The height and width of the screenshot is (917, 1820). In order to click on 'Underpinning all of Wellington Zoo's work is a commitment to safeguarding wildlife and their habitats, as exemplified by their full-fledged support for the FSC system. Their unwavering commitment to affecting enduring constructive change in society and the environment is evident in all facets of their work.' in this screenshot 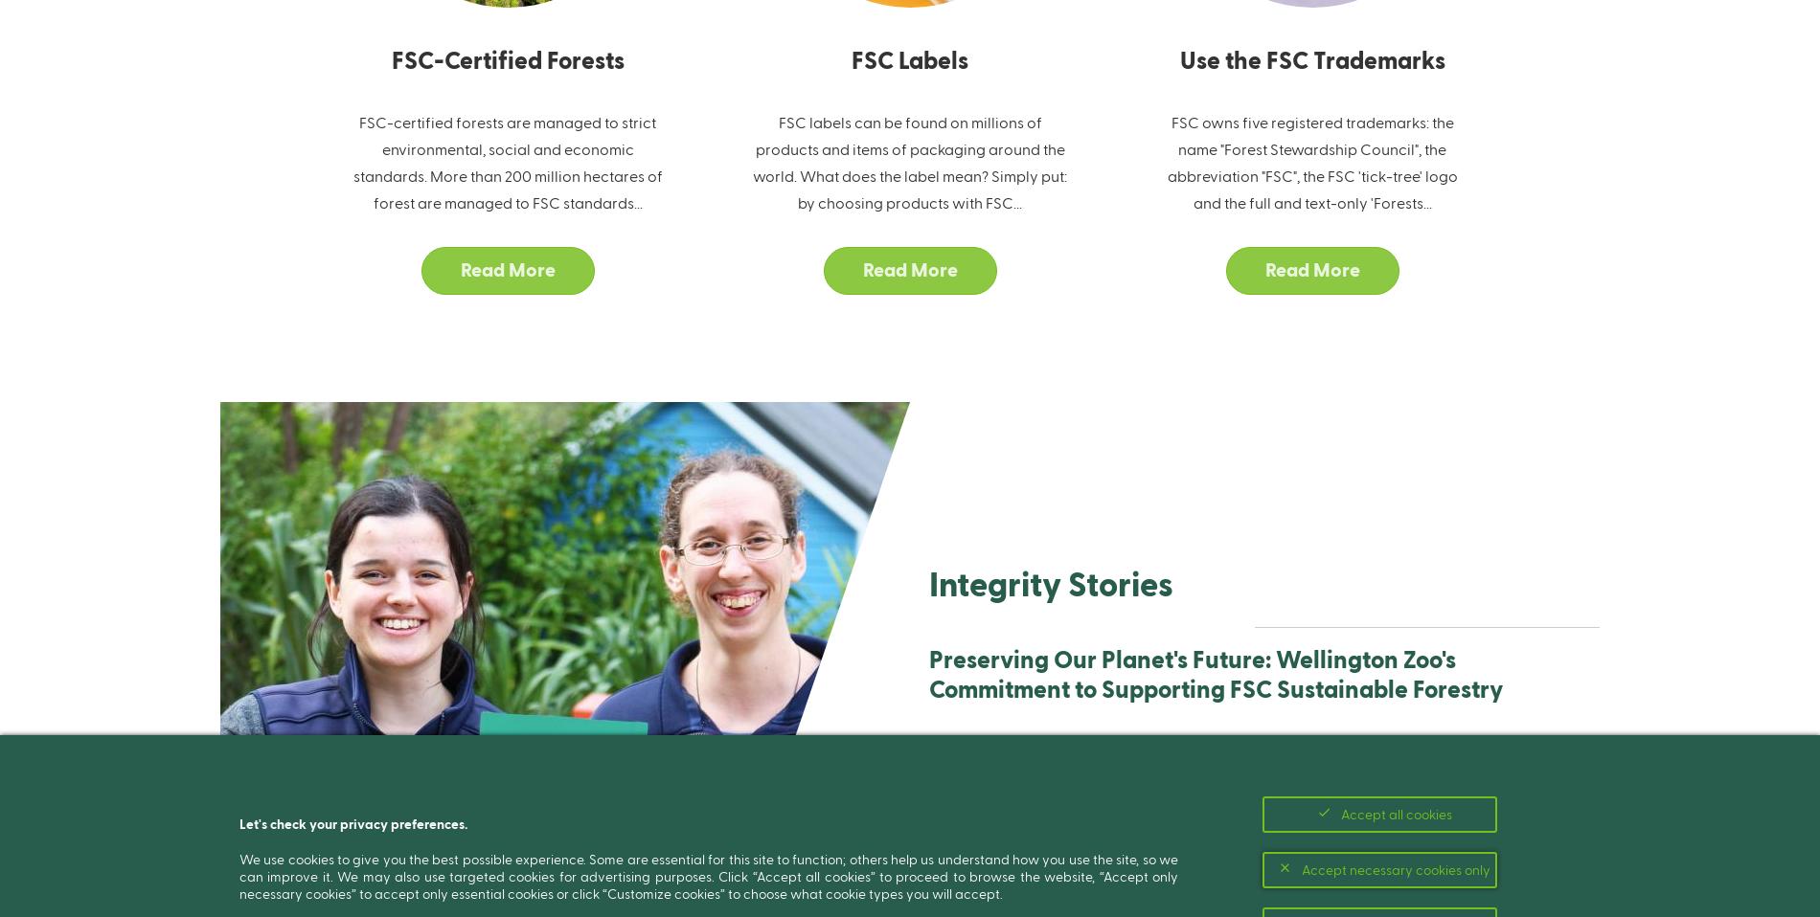, I will do `click(1240, 780)`.